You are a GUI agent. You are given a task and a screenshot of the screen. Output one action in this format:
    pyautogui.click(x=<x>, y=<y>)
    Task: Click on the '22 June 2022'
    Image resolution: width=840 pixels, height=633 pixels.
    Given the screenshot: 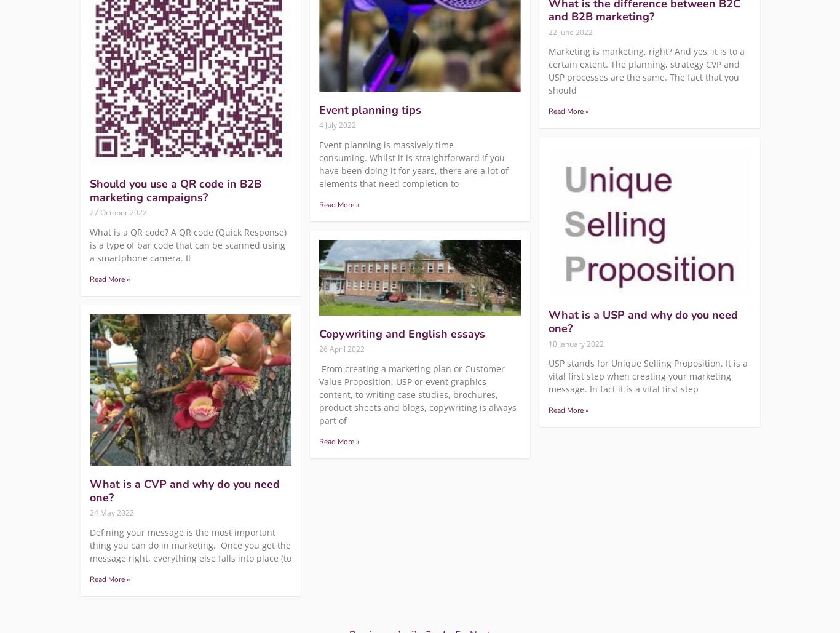 What is the action you would take?
    pyautogui.click(x=571, y=31)
    